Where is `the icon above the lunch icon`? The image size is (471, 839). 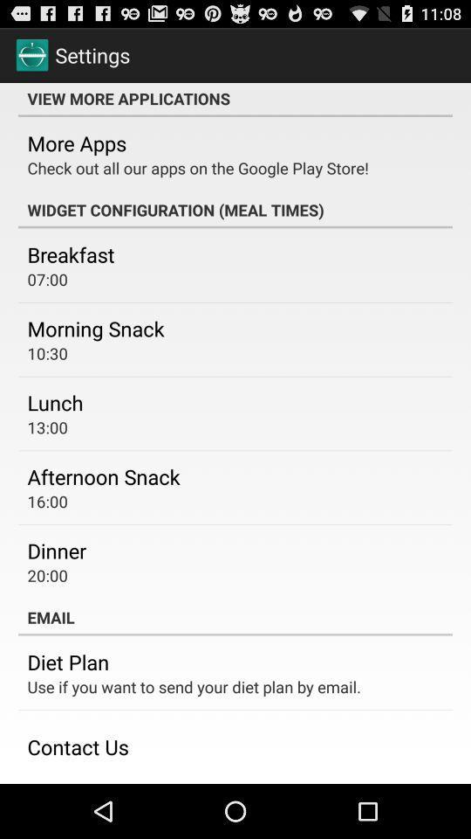 the icon above the lunch icon is located at coordinates (47, 352).